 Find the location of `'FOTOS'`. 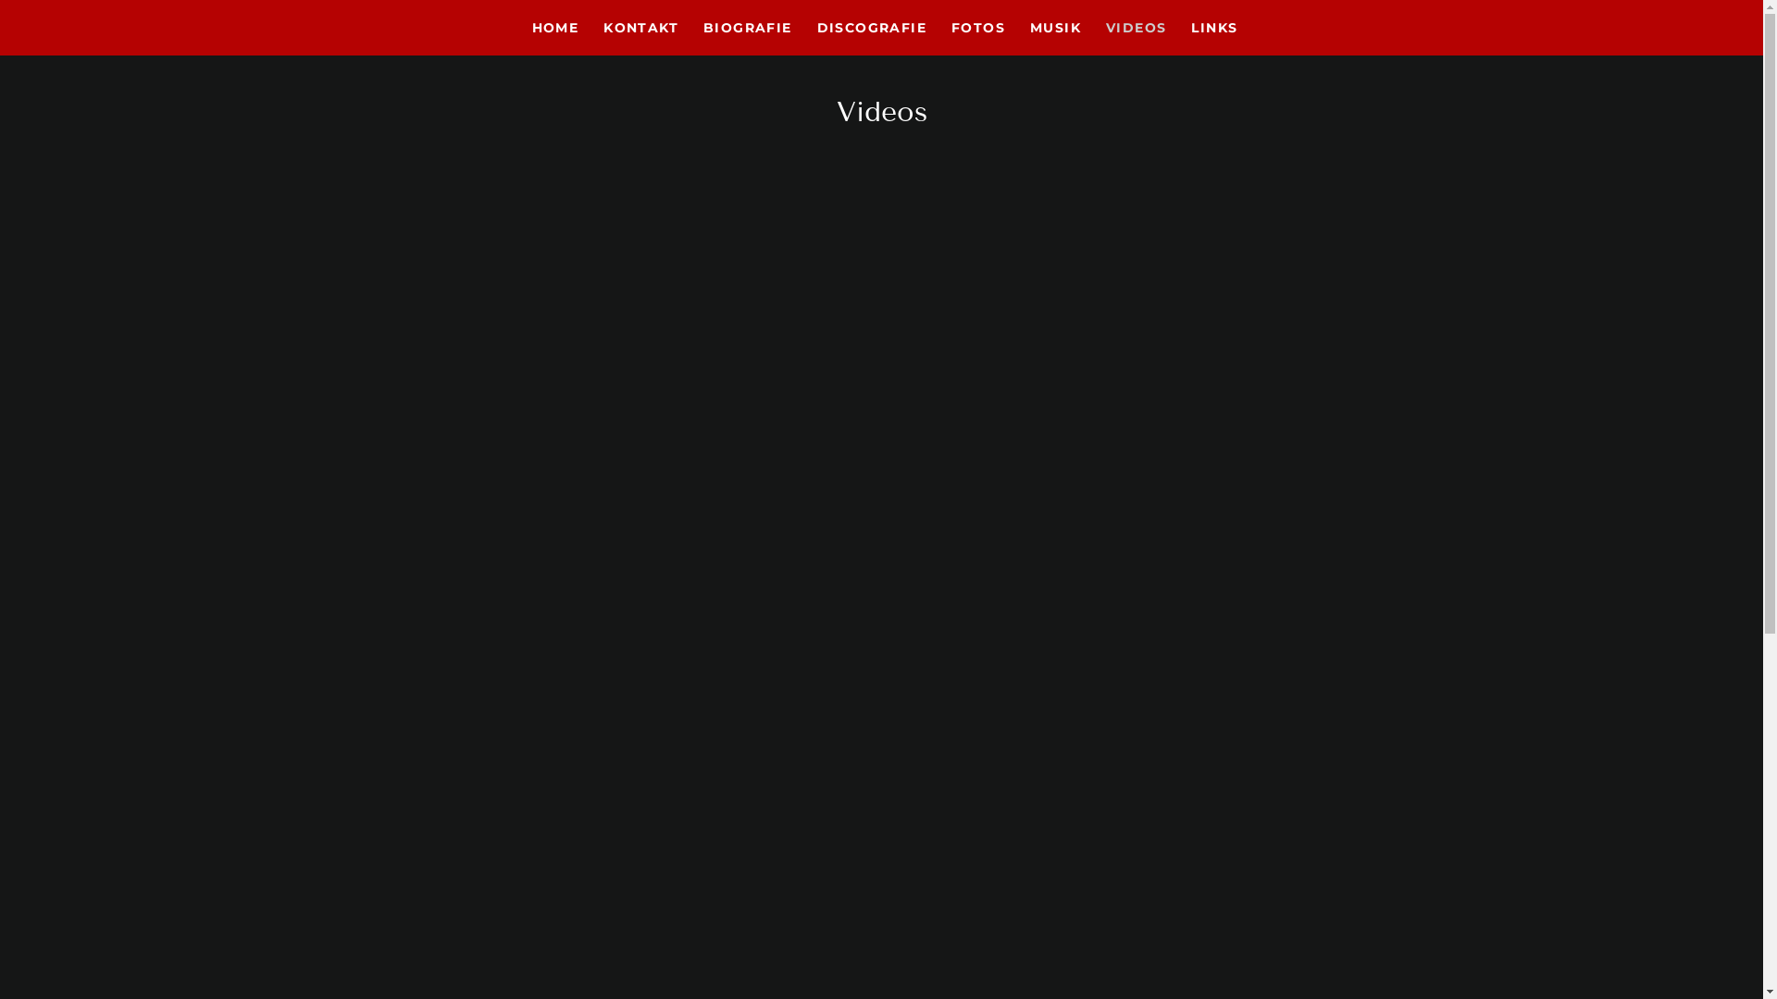

'FOTOS' is located at coordinates (974, 28).